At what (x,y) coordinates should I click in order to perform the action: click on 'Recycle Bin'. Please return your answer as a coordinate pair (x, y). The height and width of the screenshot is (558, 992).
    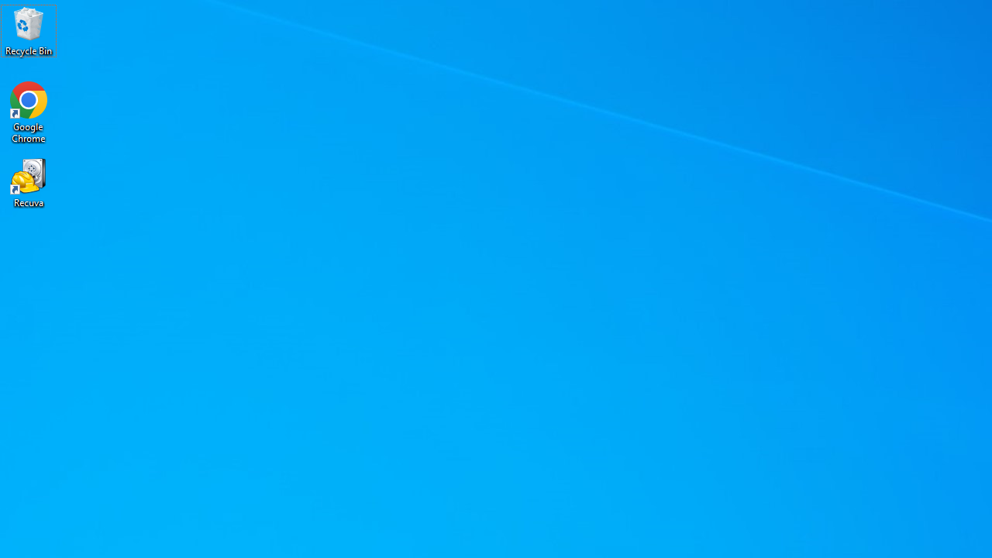
    Looking at the image, I should click on (29, 30).